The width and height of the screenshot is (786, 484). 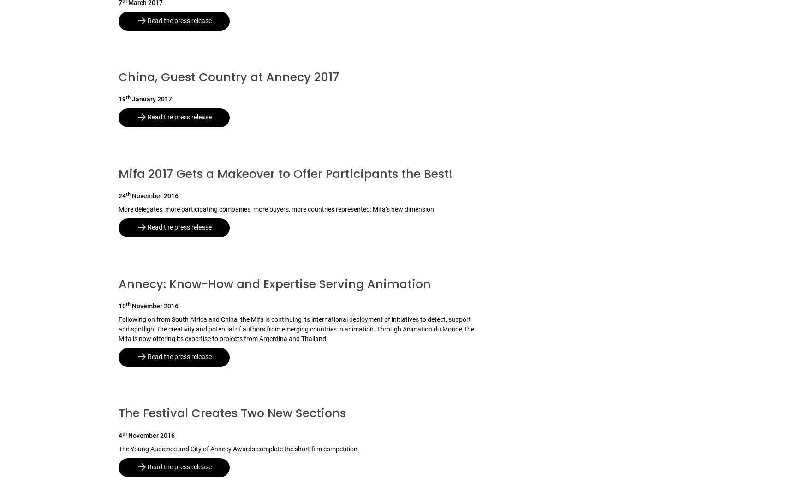 I want to click on 'The Young Audience and City of Annecy Awards complete the short film competition.', so click(x=239, y=448).